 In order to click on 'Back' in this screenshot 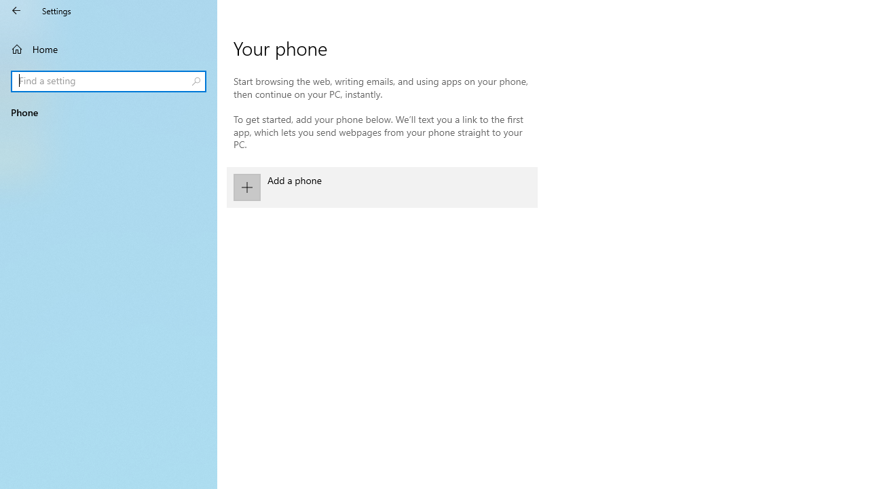, I will do `click(16, 10)`.